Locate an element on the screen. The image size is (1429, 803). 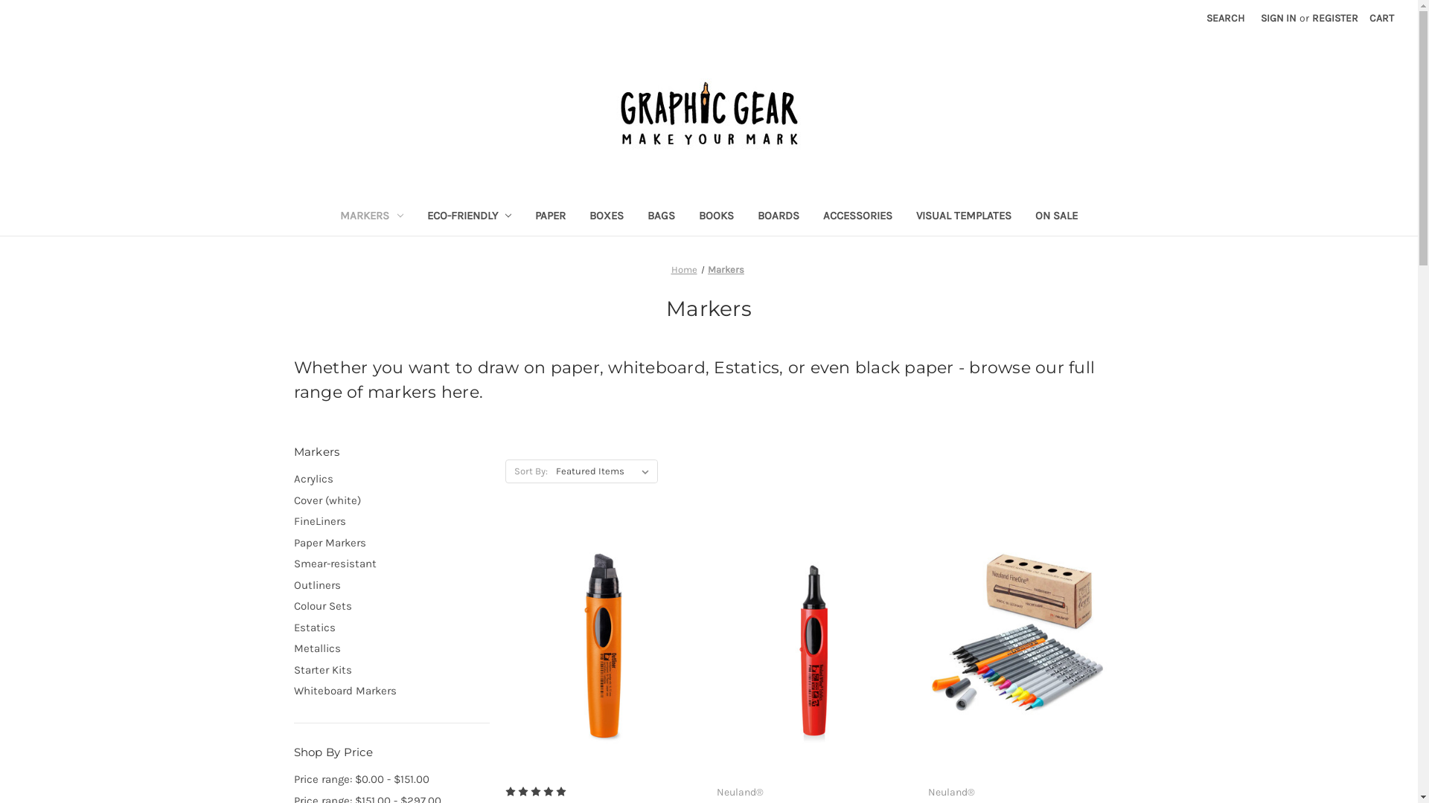
'ON SALE' is located at coordinates (1055, 217).